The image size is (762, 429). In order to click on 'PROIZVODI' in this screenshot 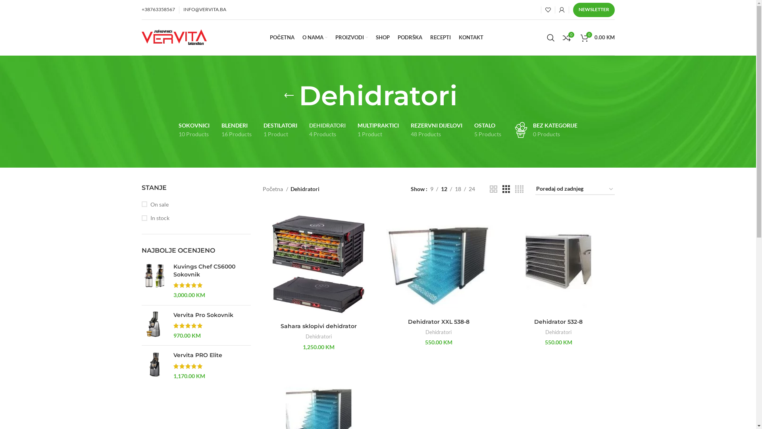, I will do `click(351, 37)`.